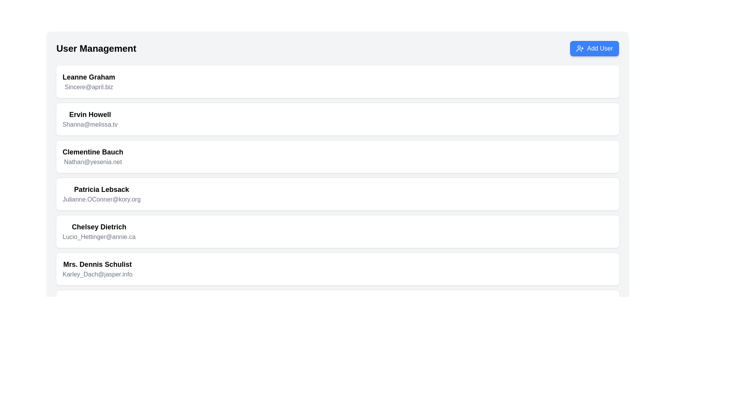 This screenshot has width=742, height=417. I want to click on bold, large-sized text label displaying the name 'Leanne Graham' which is centered horizontally in the first list item of the user list under the 'User Management' header, so click(89, 77).